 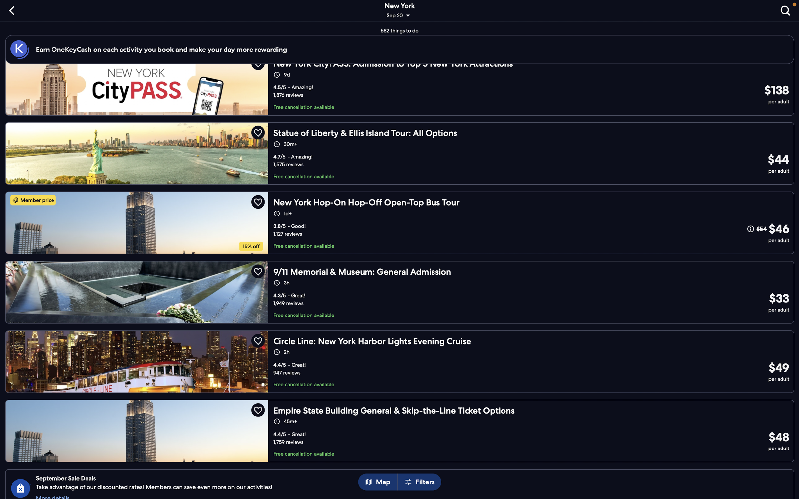 What do you see at coordinates (13, 10) in the screenshot?
I see `Return to the previous screen by clicking the "back" button` at bounding box center [13, 10].